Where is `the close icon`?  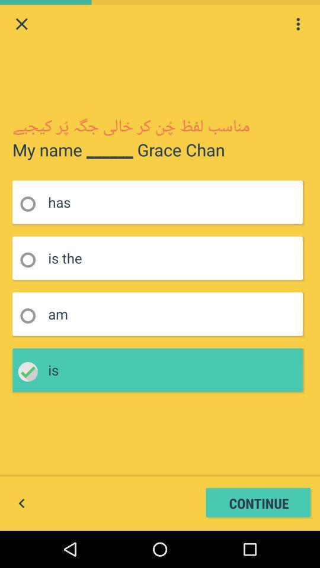 the close icon is located at coordinates (21, 25).